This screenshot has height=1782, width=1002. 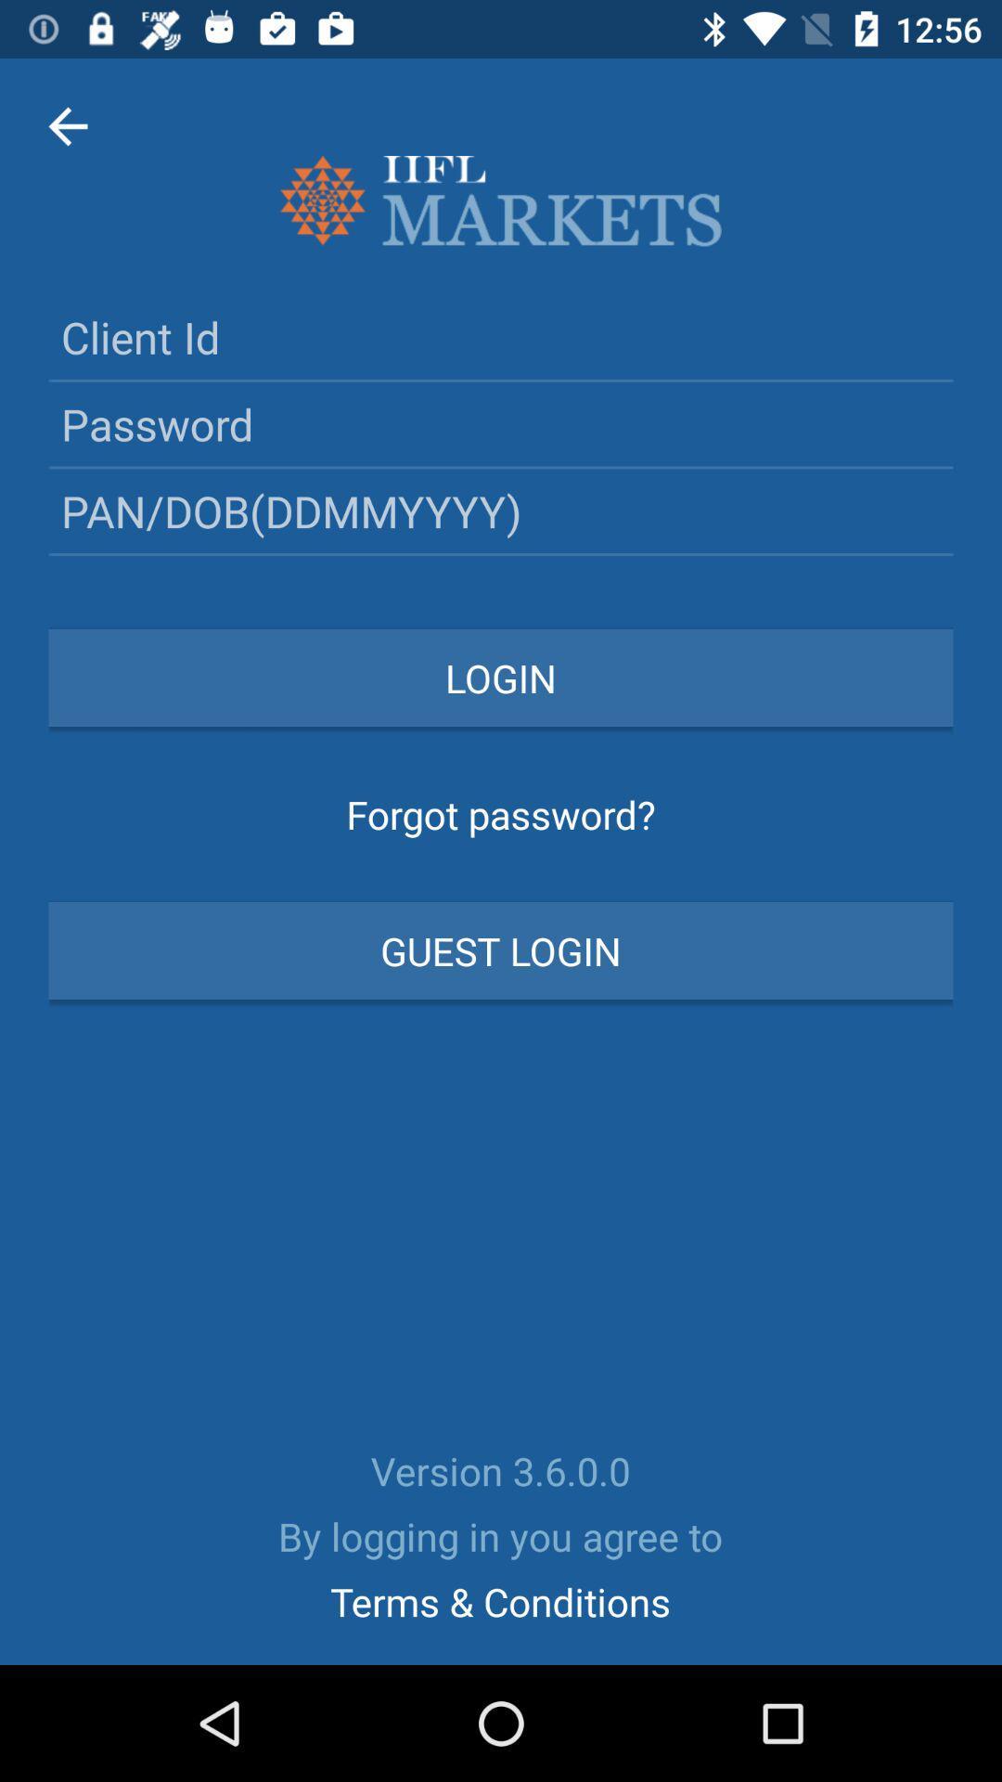 I want to click on the client id text field, so click(x=501, y=337).